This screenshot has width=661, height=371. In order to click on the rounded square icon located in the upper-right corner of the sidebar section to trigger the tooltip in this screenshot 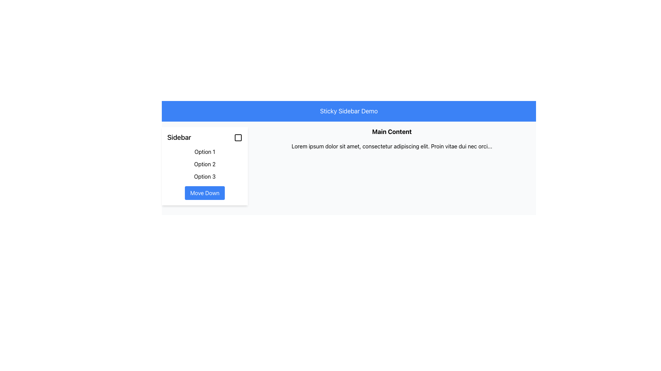, I will do `click(238, 137)`.